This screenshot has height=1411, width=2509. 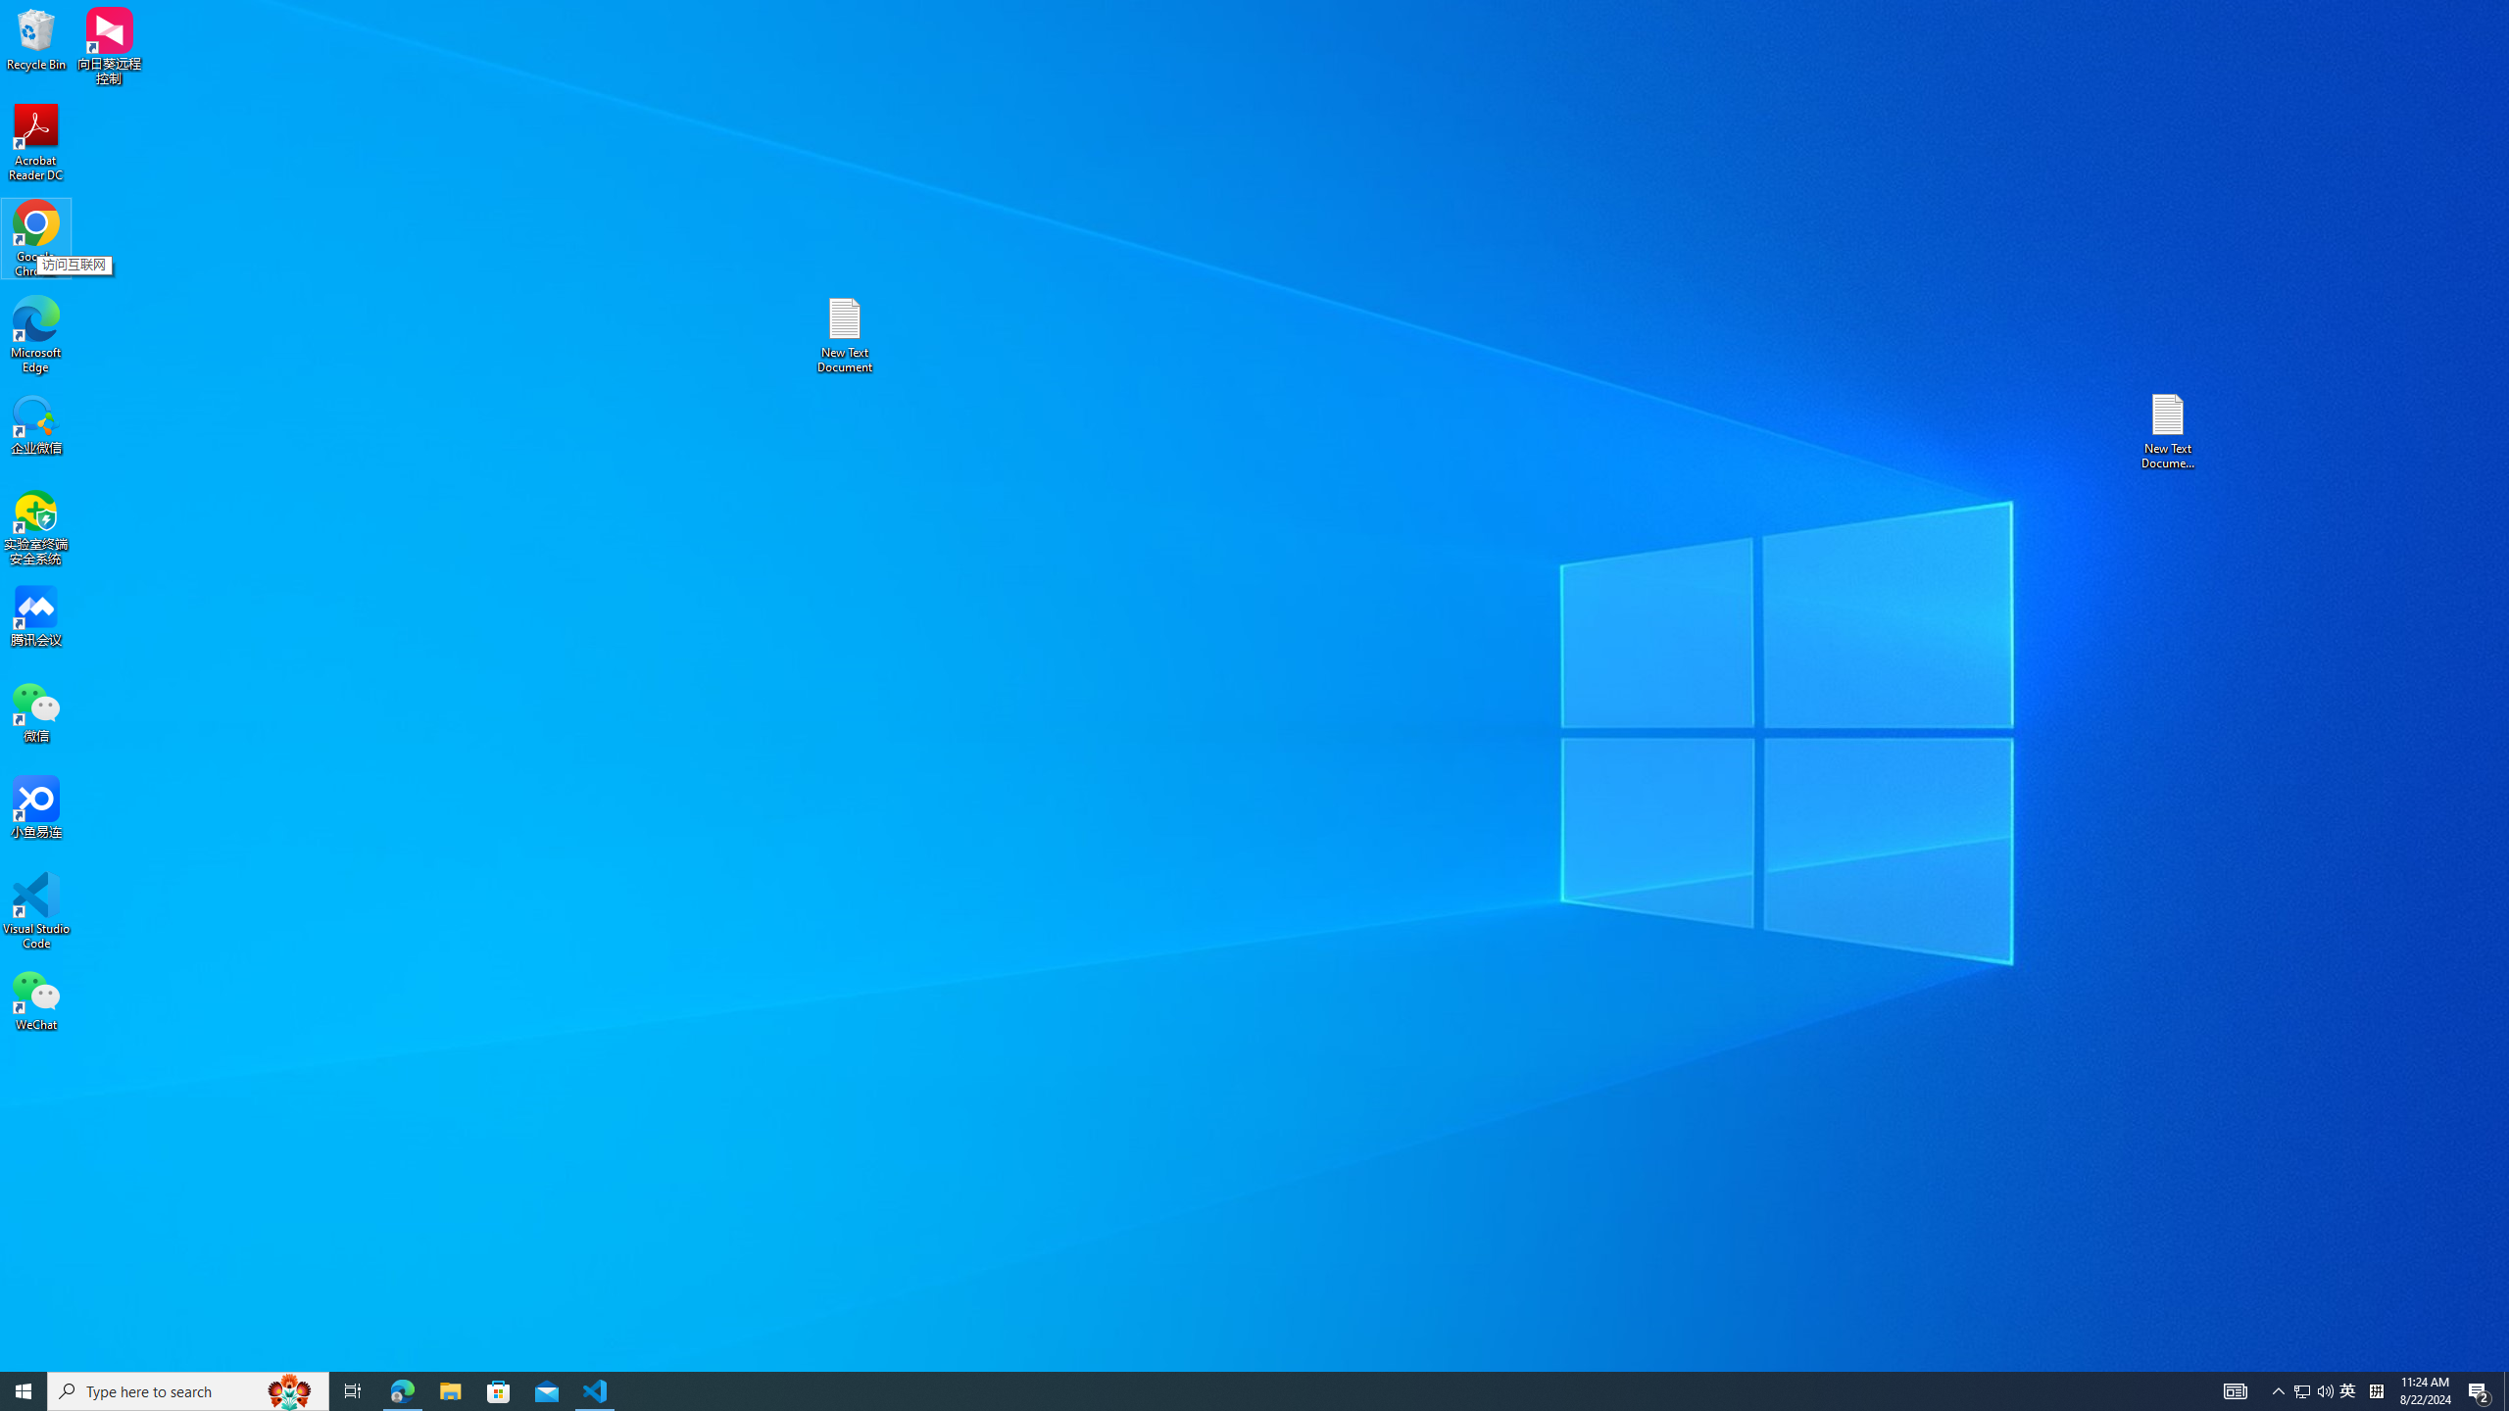 I want to click on 'Action Center, 2 new notifications', so click(x=2480, y=1389).